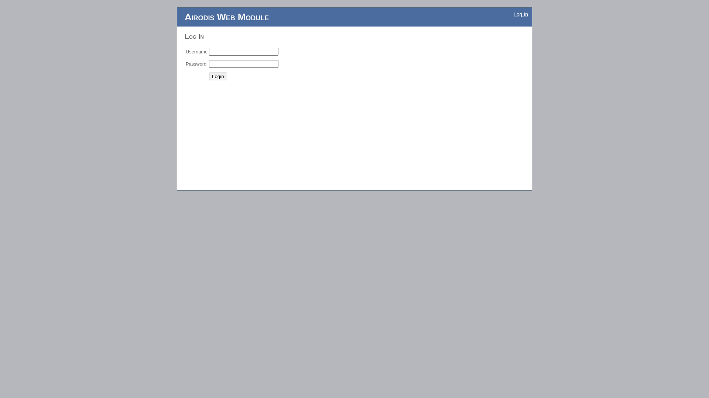 This screenshot has width=709, height=398. I want to click on 'Login', so click(218, 76).